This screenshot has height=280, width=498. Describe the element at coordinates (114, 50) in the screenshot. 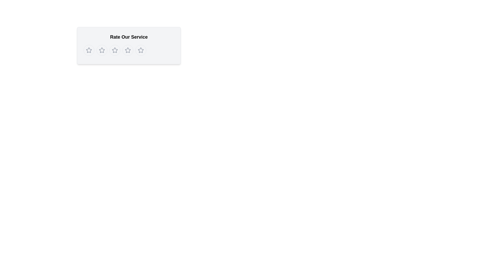

I see `the third star icon in the rating system` at that location.